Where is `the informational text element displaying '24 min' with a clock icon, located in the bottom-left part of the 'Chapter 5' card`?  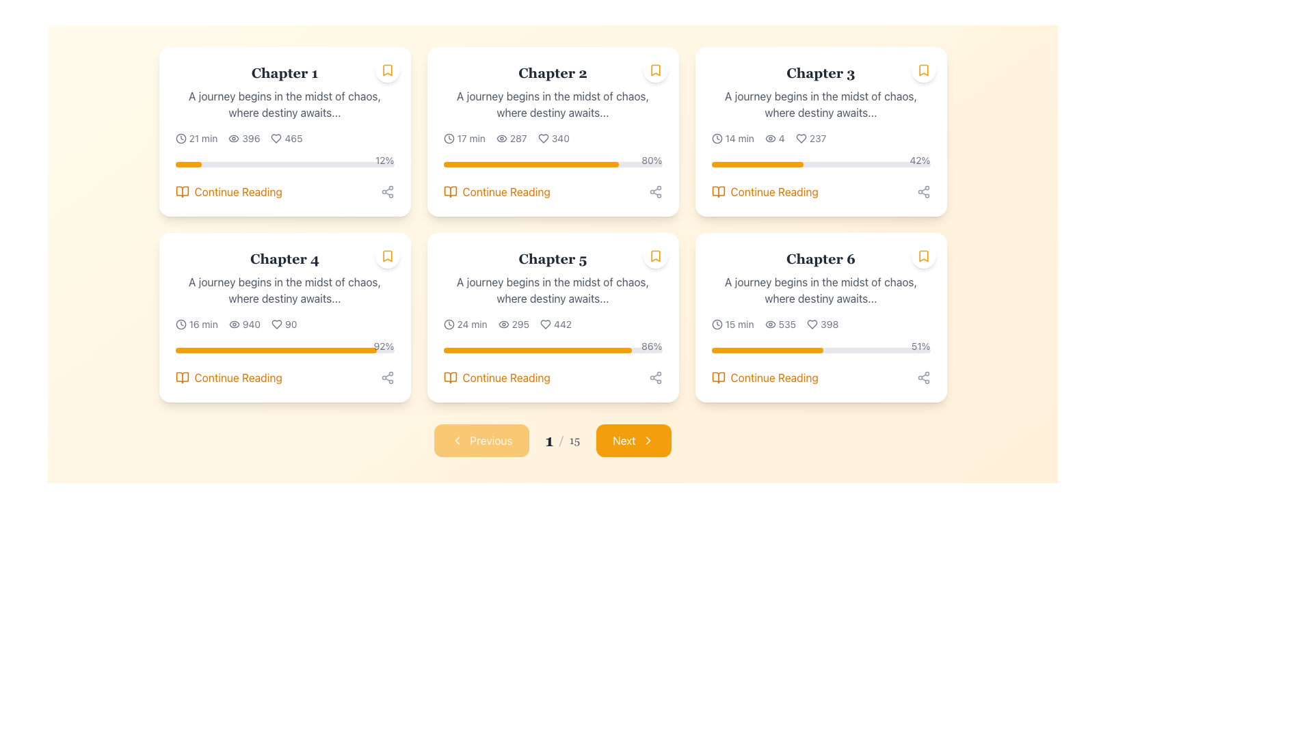 the informational text element displaying '24 min' with a clock icon, located in the bottom-left part of the 'Chapter 5' card is located at coordinates (465, 324).